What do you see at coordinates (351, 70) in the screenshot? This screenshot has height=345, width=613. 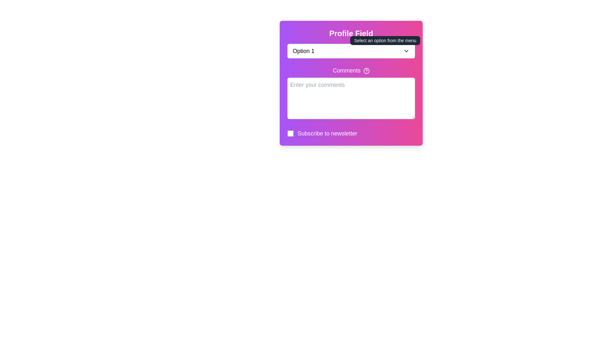 I see `the 'Comments' text label, which is styled in medium font size and white color, positioned on a gradient pink-purple background, directly above the comments input area` at bounding box center [351, 70].